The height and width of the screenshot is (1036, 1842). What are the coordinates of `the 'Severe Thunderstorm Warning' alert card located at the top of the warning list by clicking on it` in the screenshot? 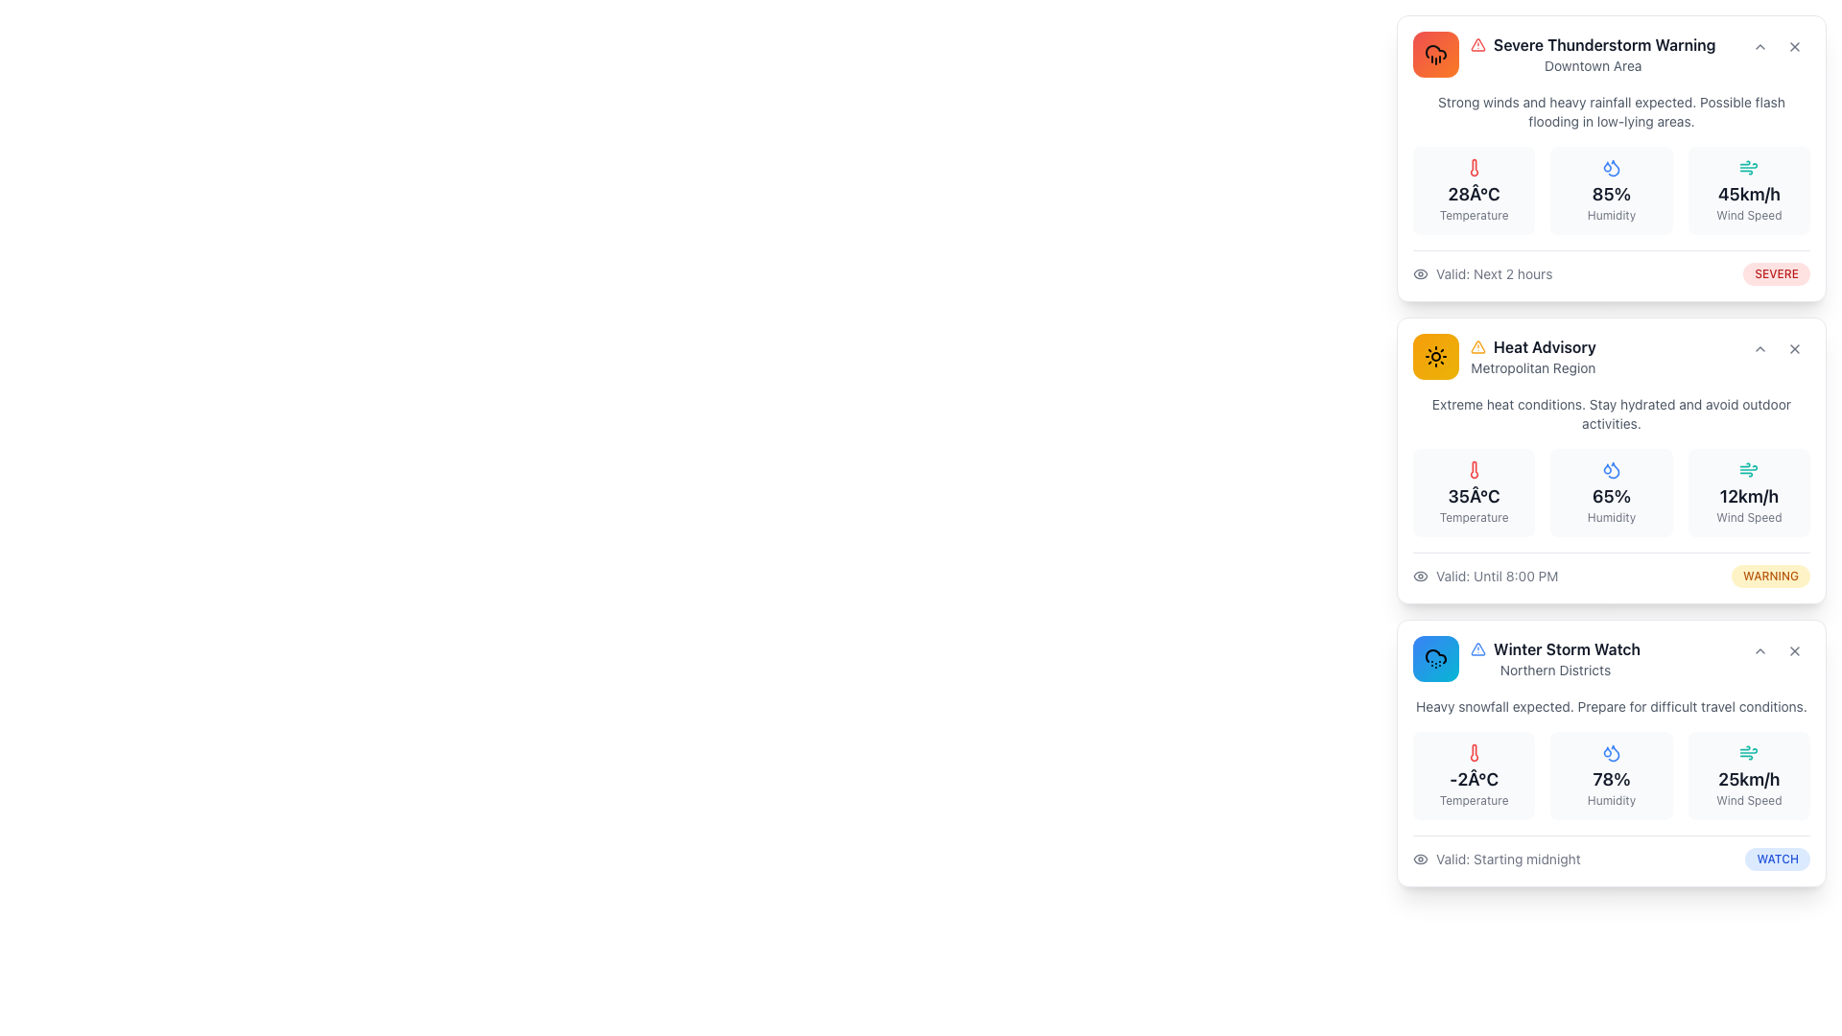 It's located at (1564, 54).